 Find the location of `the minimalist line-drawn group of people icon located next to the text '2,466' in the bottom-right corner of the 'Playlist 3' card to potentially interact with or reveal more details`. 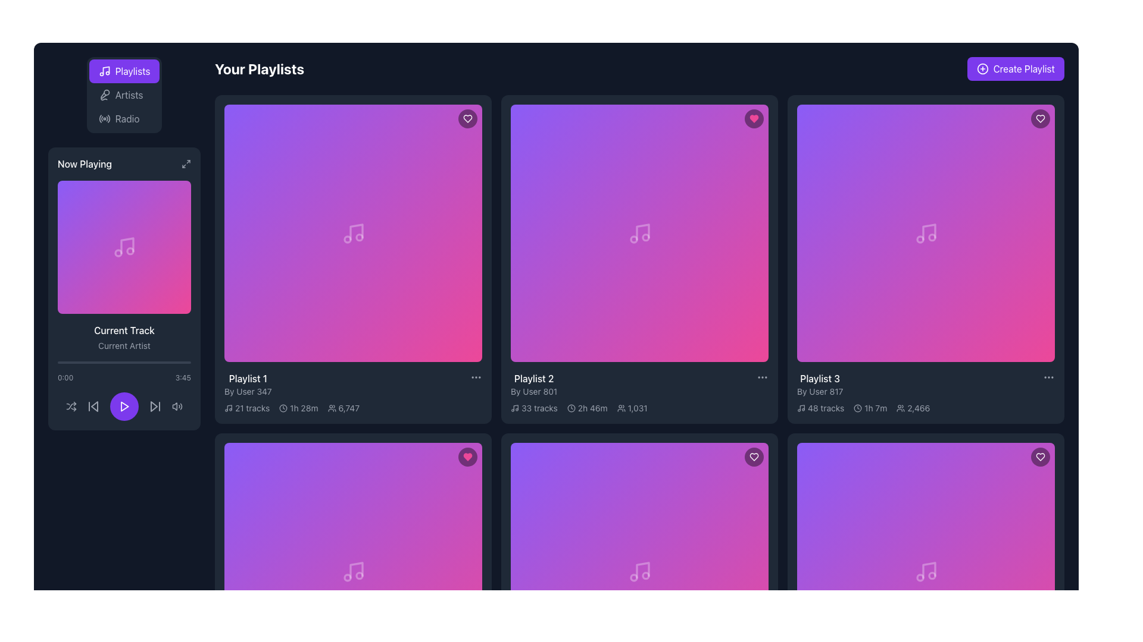

the minimalist line-drawn group of people icon located next to the text '2,466' in the bottom-right corner of the 'Playlist 3' card to potentially interact with or reveal more details is located at coordinates (901, 407).